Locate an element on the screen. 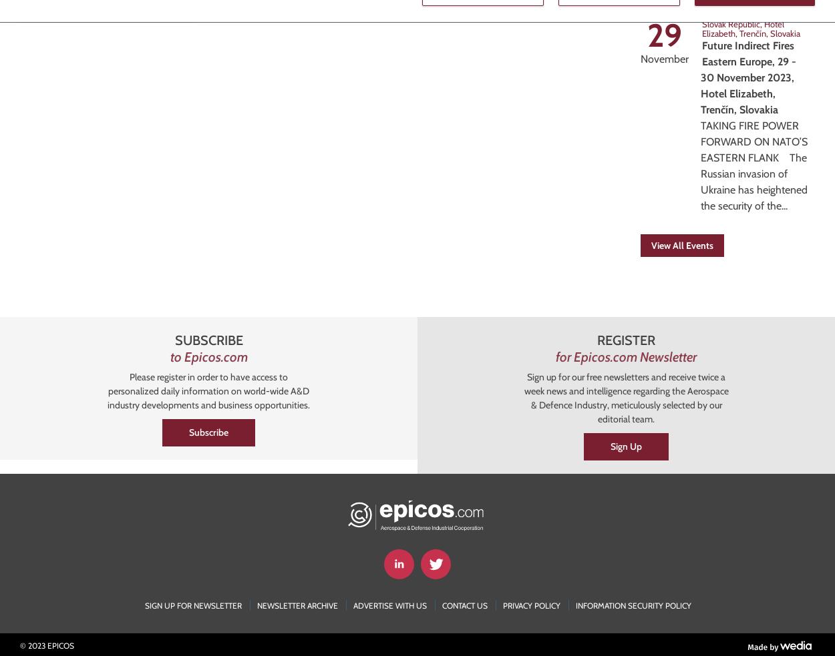 The image size is (835, 656). 'Future Indirect Fires Eastern Europe, 29 - 30 November 2023, Hotel Elizabeth, Trenčín, Slovakia' is located at coordinates (747, 77).